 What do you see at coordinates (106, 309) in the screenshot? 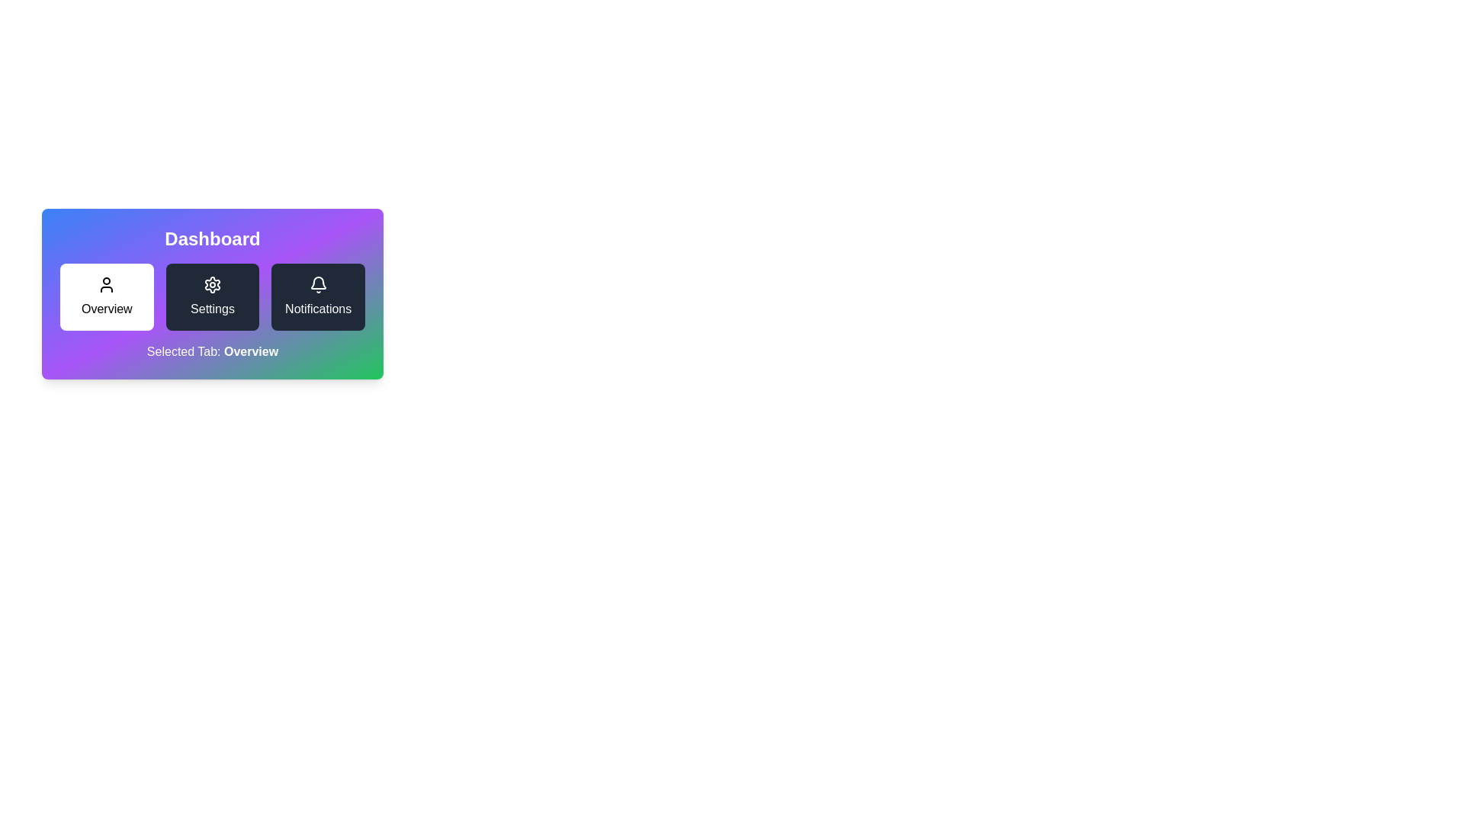
I see `the 'Overview' text label displayed in black font on a white background, located within a card on the left side of a row with similar cards` at bounding box center [106, 309].